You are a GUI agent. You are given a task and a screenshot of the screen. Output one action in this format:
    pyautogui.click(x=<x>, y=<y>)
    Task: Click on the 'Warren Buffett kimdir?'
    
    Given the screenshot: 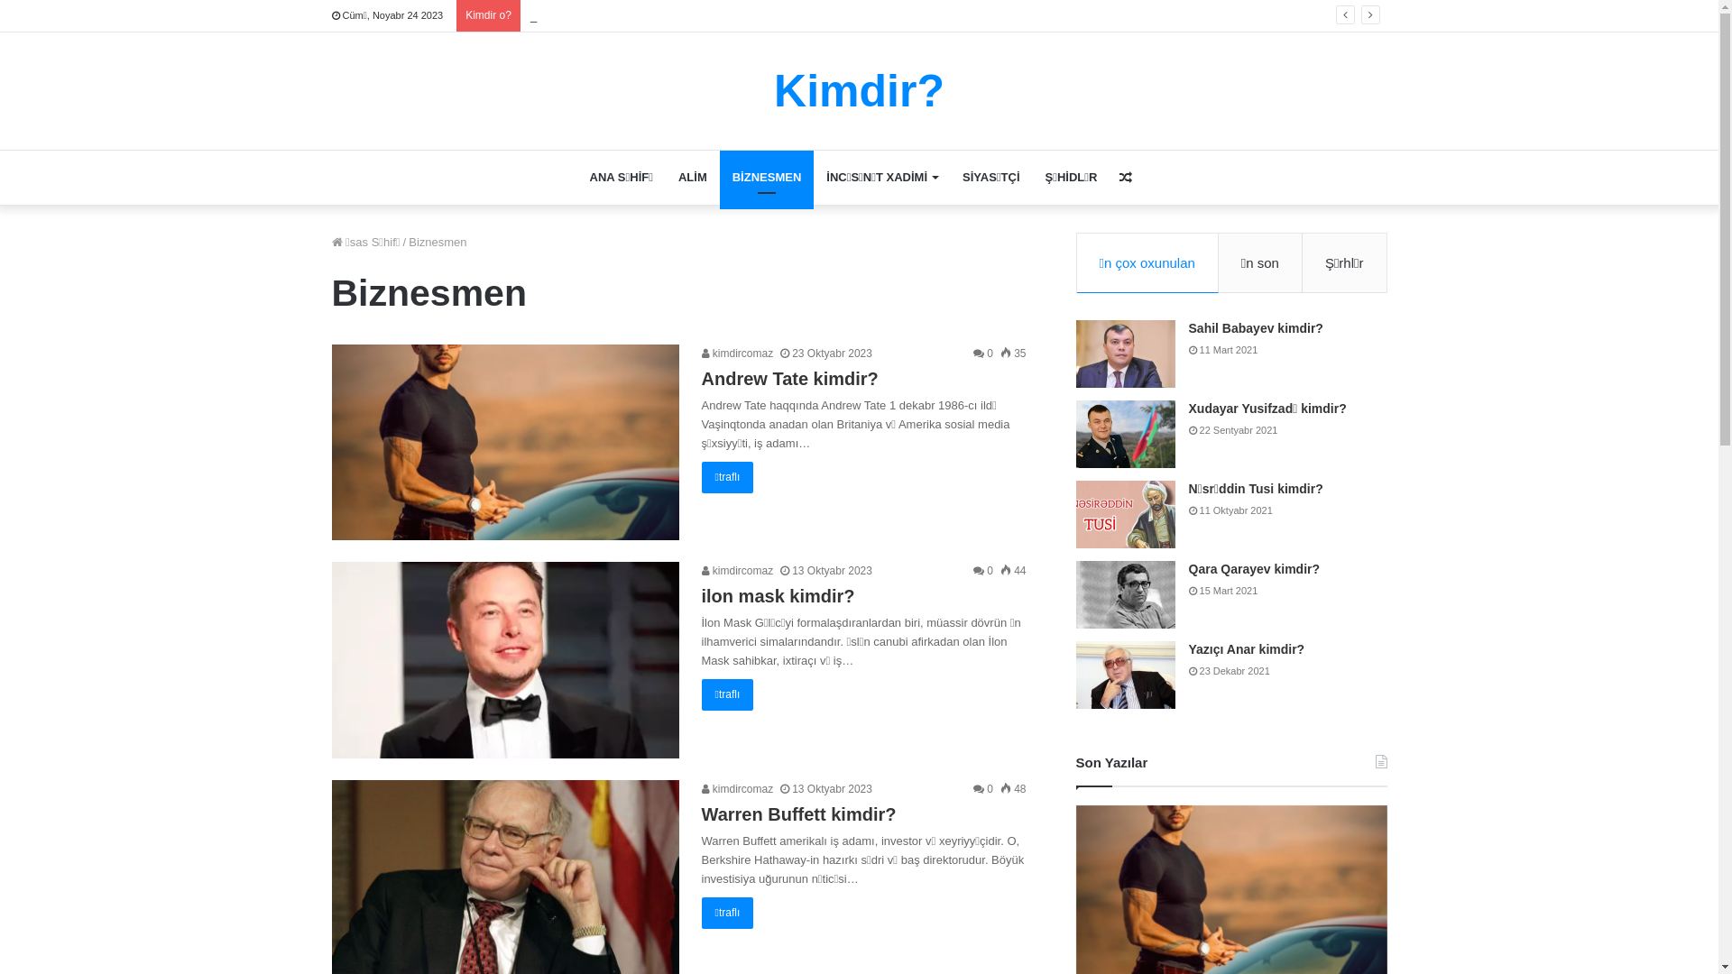 What is the action you would take?
    pyautogui.click(x=798, y=813)
    